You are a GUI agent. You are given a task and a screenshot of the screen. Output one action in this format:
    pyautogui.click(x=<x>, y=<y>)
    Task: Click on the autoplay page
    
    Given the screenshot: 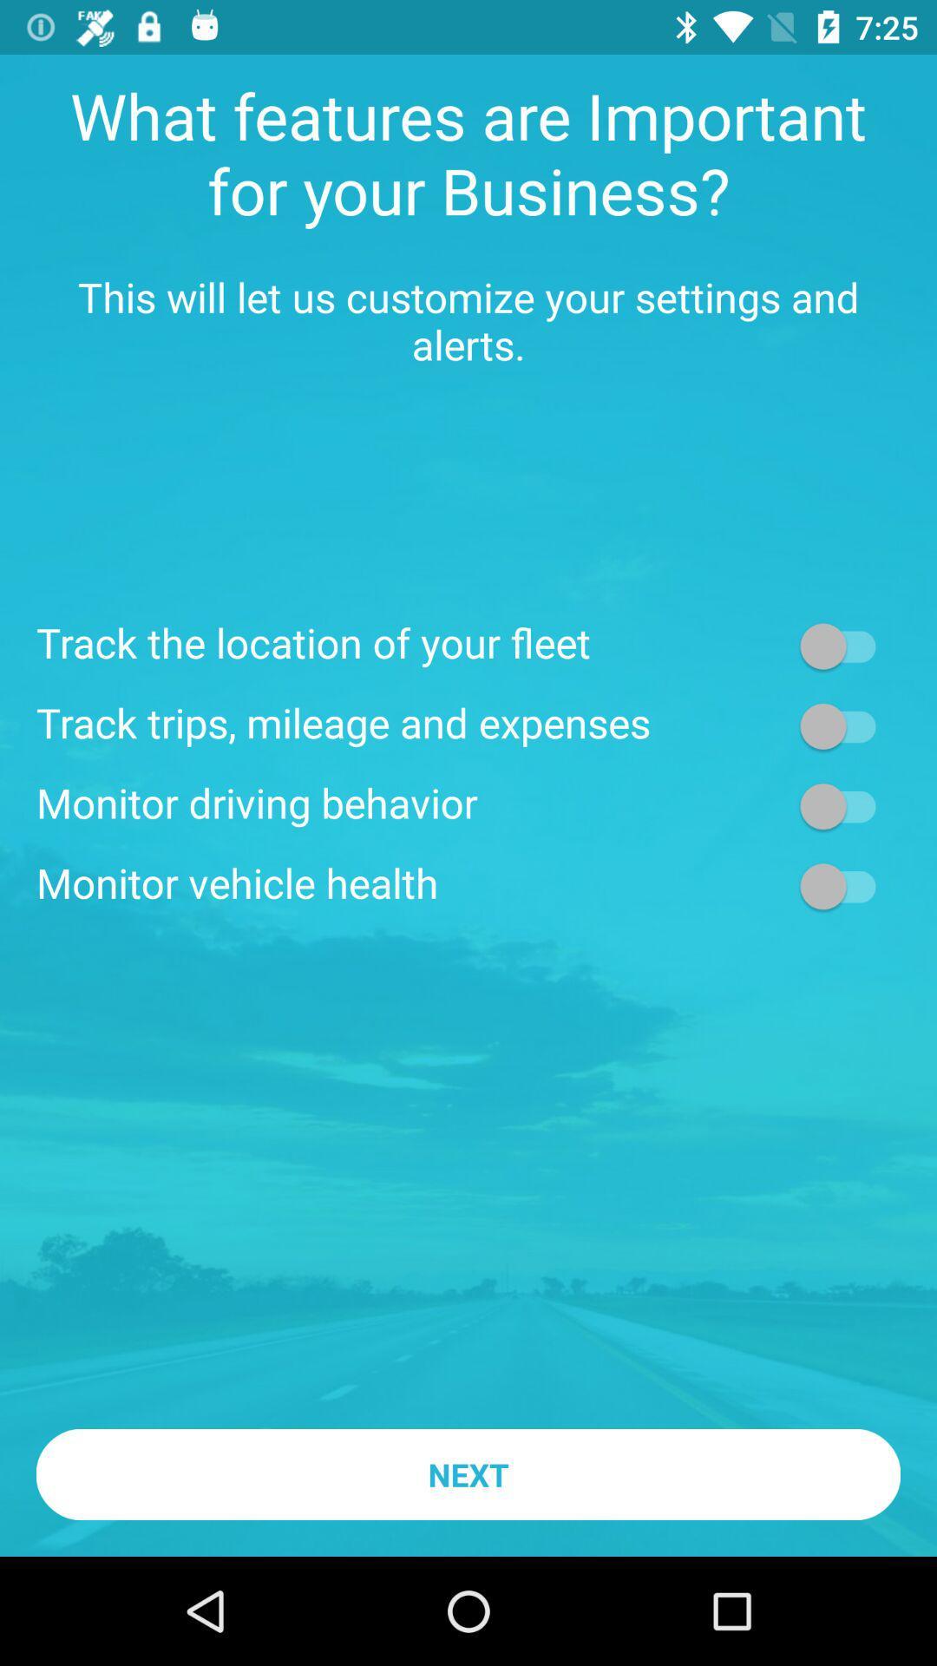 What is the action you would take?
    pyautogui.click(x=845, y=805)
    